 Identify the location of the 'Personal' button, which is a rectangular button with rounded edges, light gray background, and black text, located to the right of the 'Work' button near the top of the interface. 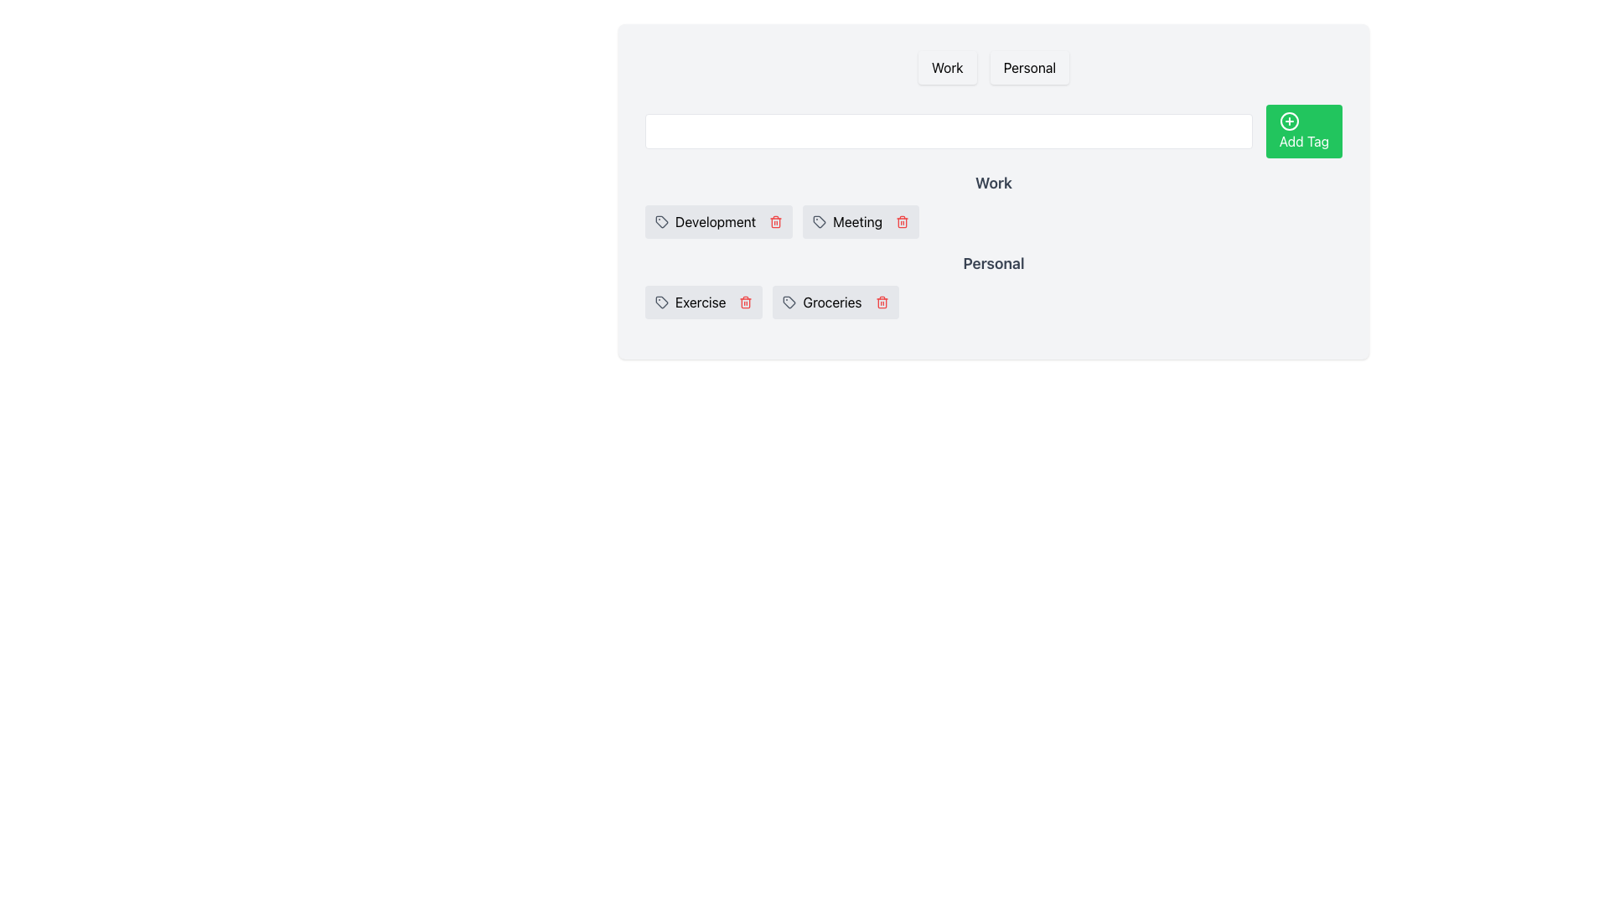
(1028, 67).